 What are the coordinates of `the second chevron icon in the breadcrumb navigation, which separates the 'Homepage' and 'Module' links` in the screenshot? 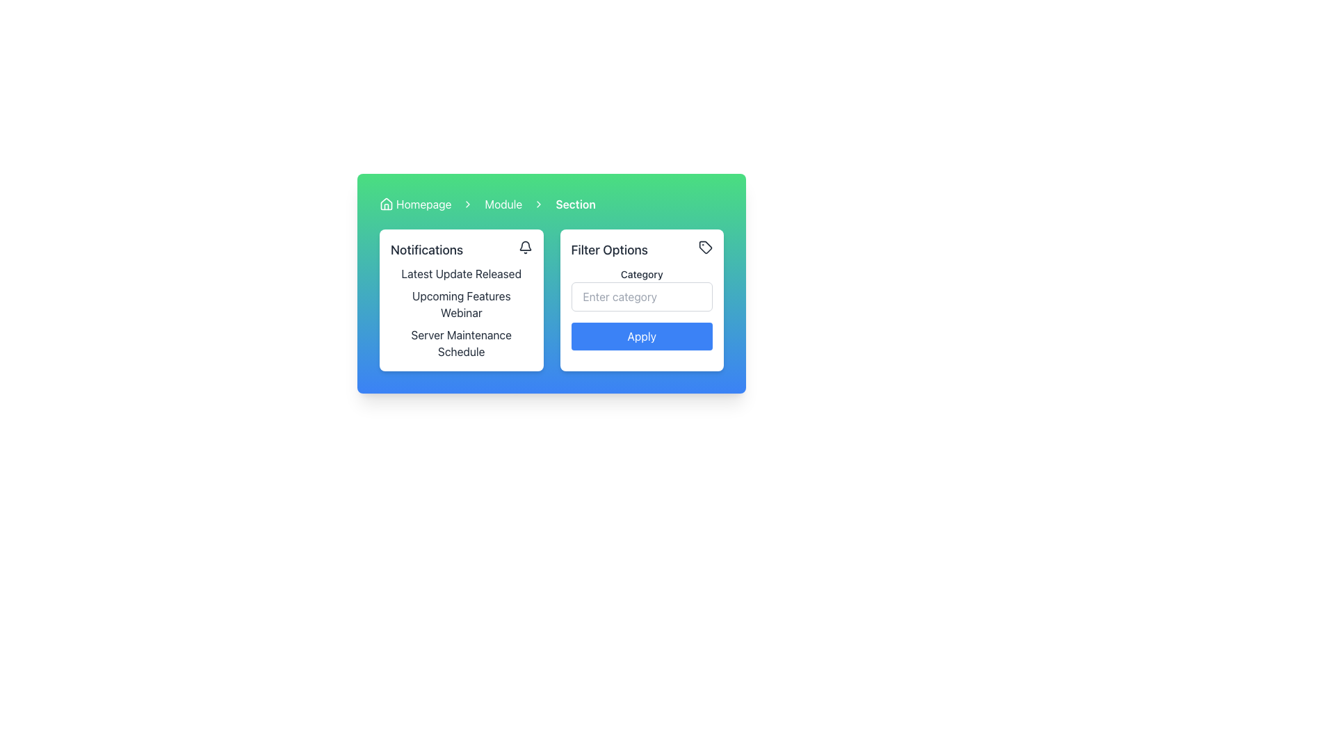 It's located at (468, 204).